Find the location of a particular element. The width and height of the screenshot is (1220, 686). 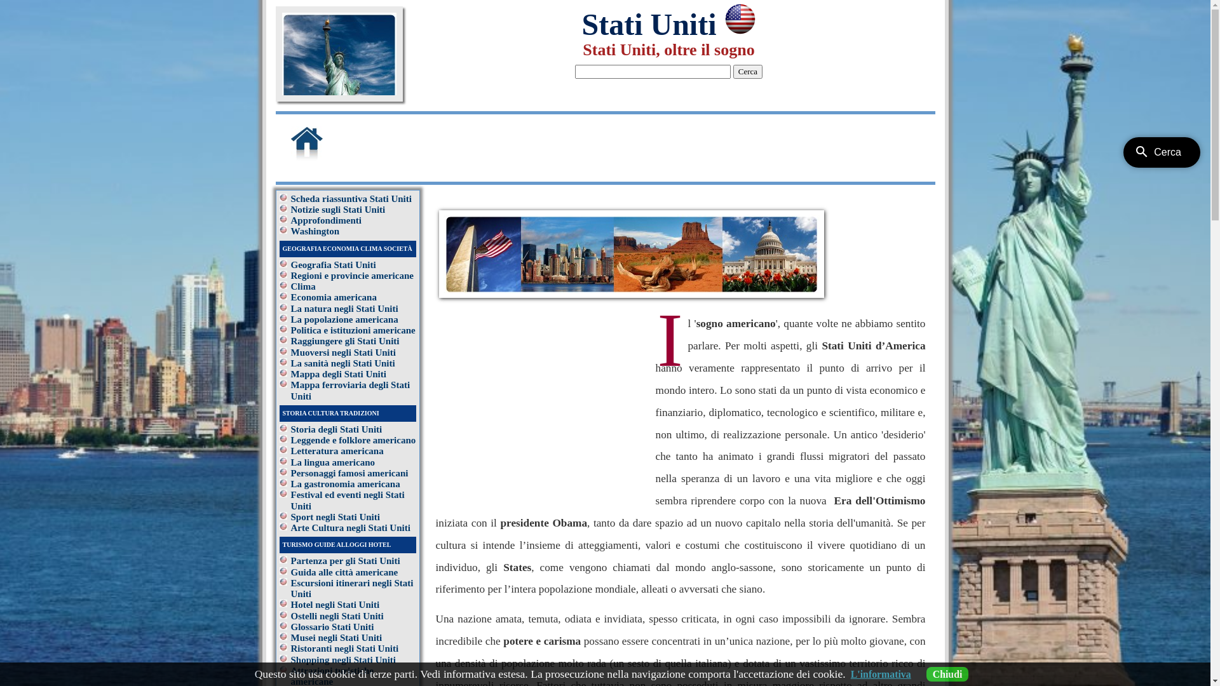

'Advertisement' is located at coordinates (407, 144).